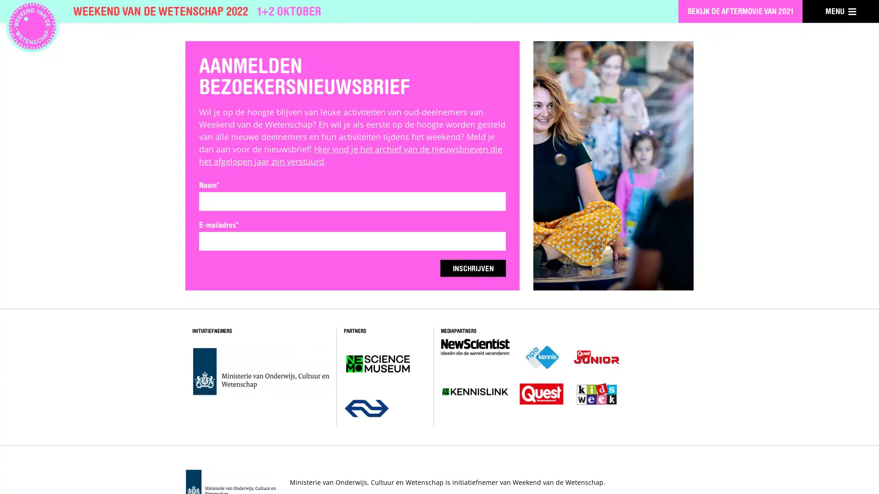 This screenshot has width=879, height=494. What do you see at coordinates (468, 268) in the screenshot?
I see `Inschrijven` at bounding box center [468, 268].